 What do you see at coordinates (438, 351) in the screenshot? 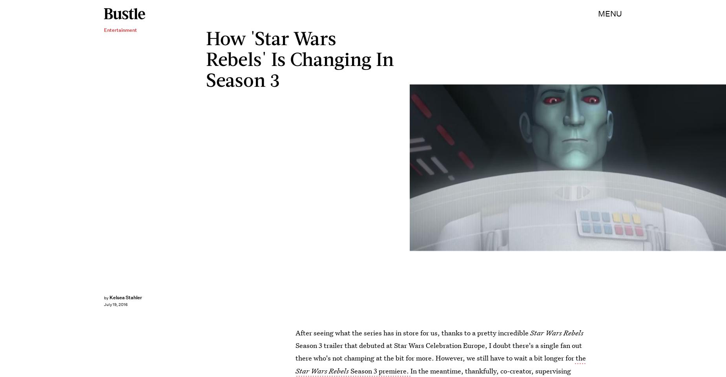
I see `'Season 3 trailer that debuted at Star Wars Celebration Europe, I doubt there's a single fan out there who's not champing at the bit for more. However, we still have to wait a bit longer for'` at bounding box center [438, 351].